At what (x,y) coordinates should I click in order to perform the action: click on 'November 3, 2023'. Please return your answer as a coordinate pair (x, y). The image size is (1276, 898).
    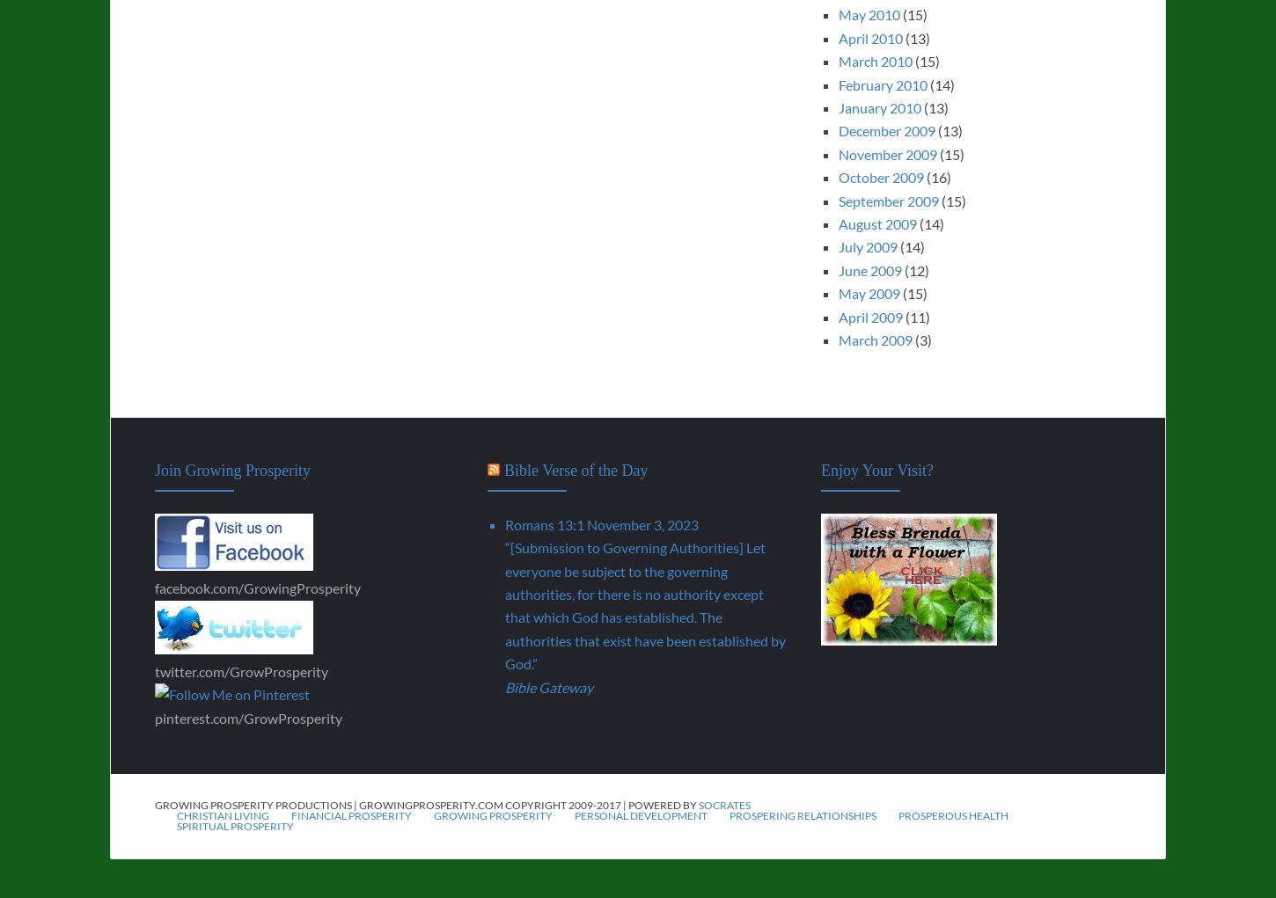
    Looking at the image, I should click on (642, 523).